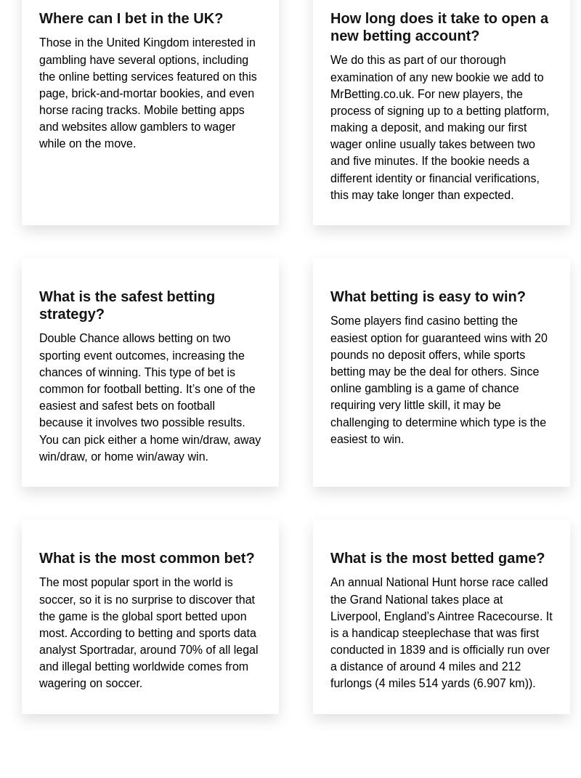  I want to click on 'Those in the United Kingdom interested in gambling have several options, including the online betting services featured on this page, brick-and-mortar bookies, and even horse racing tracks. Mobile betting apps and websites allow gamblers to wager while on the move.', so click(147, 92).